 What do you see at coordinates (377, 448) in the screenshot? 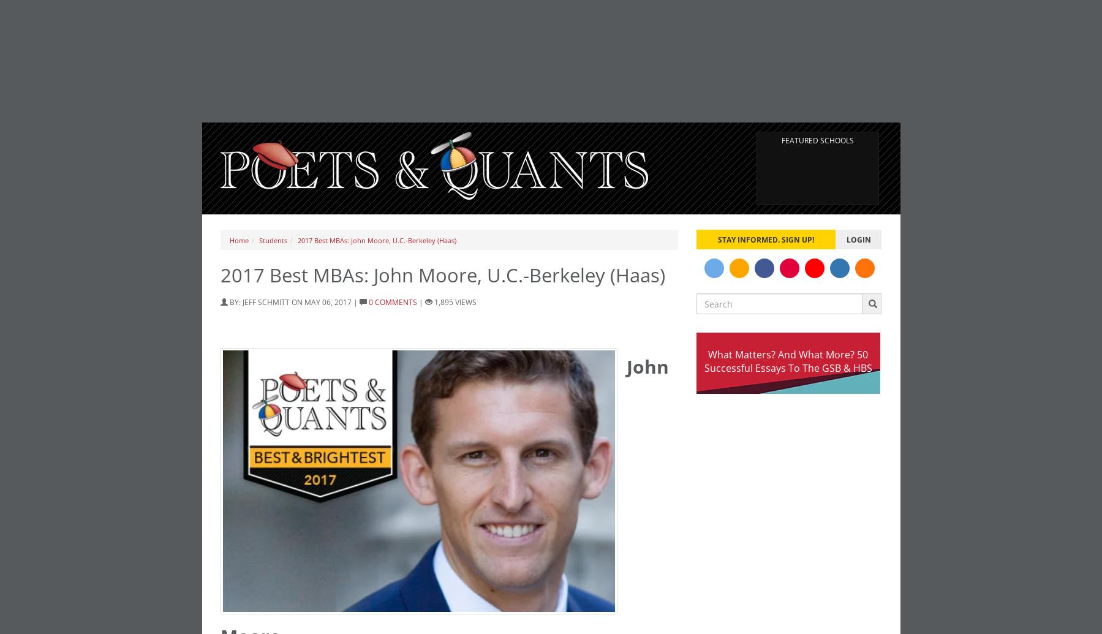
I see `'Taylor Swift'` at bounding box center [377, 448].